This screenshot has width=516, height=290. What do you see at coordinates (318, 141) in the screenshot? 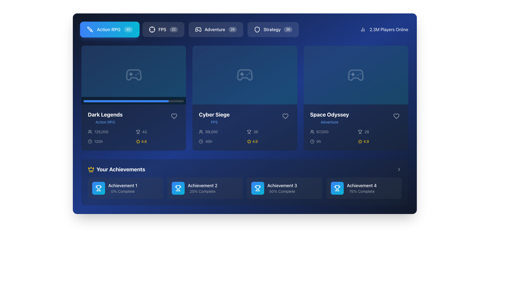
I see `the text label displaying '0h', which is styled in gray and located to the right of a clock icon in the lower section of the 'Space Odyssey' card` at bounding box center [318, 141].